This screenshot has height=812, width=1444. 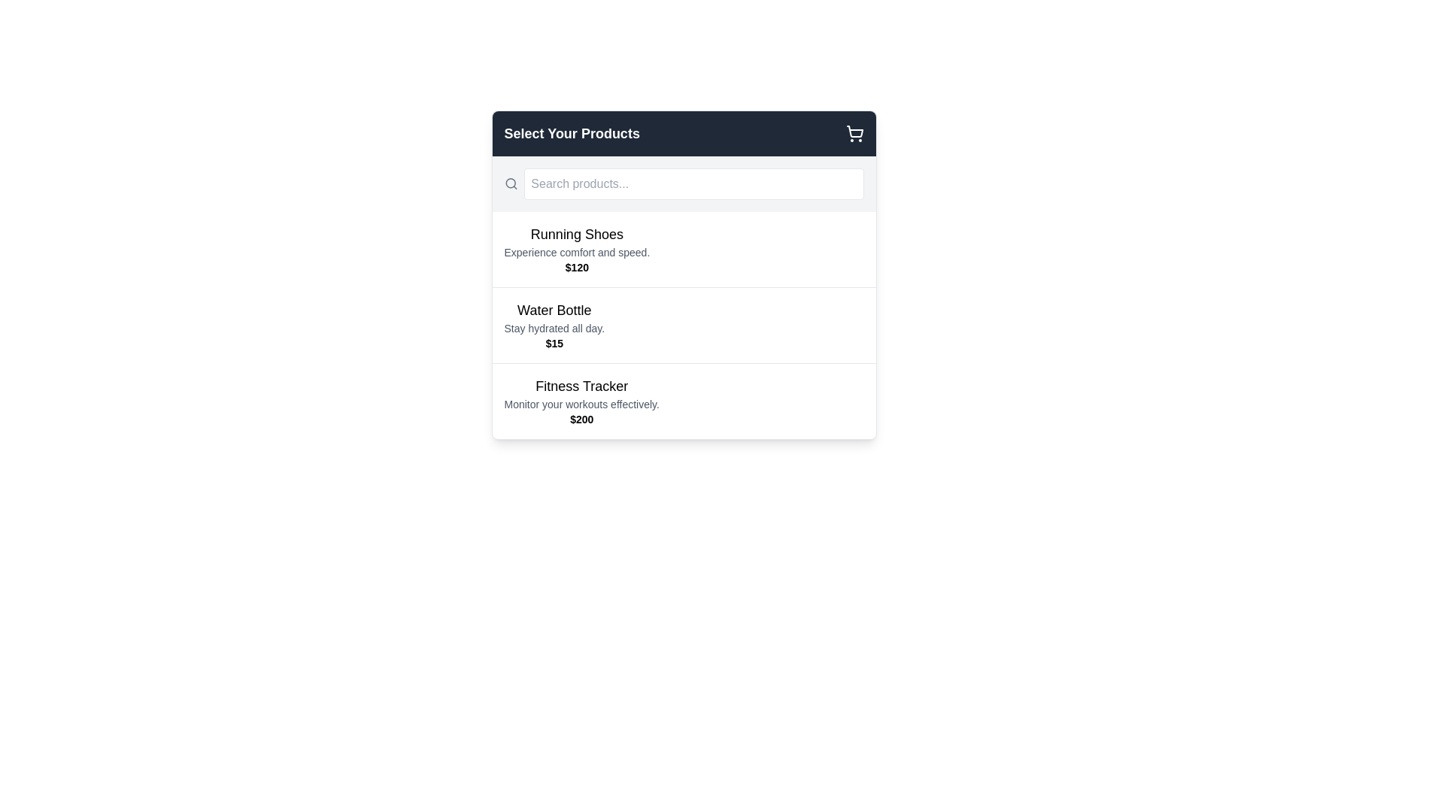 What do you see at coordinates (581, 400) in the screenshot?
I see `the third product information component` at bounding box center [581, 400].